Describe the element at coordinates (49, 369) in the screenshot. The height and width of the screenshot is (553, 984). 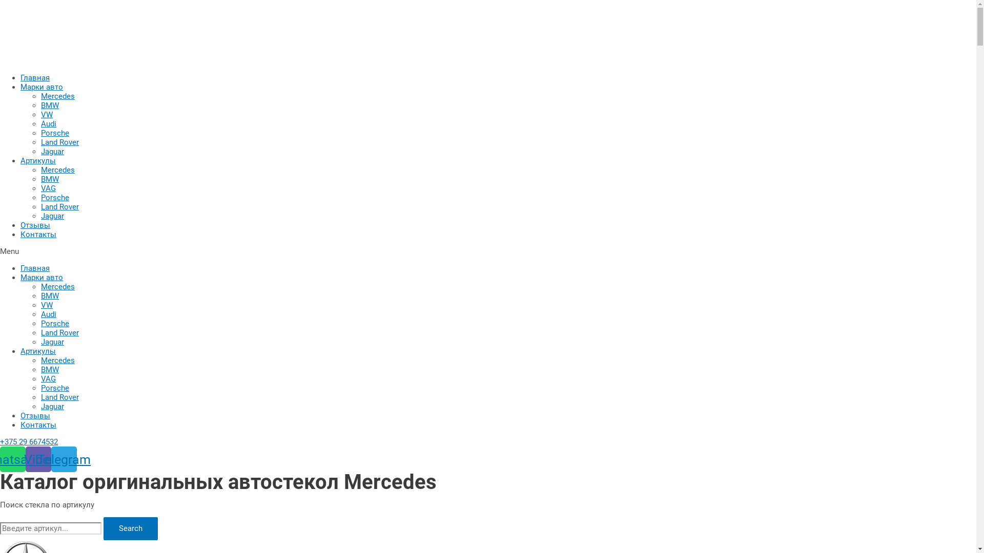
I see `'BMW'` at that location.